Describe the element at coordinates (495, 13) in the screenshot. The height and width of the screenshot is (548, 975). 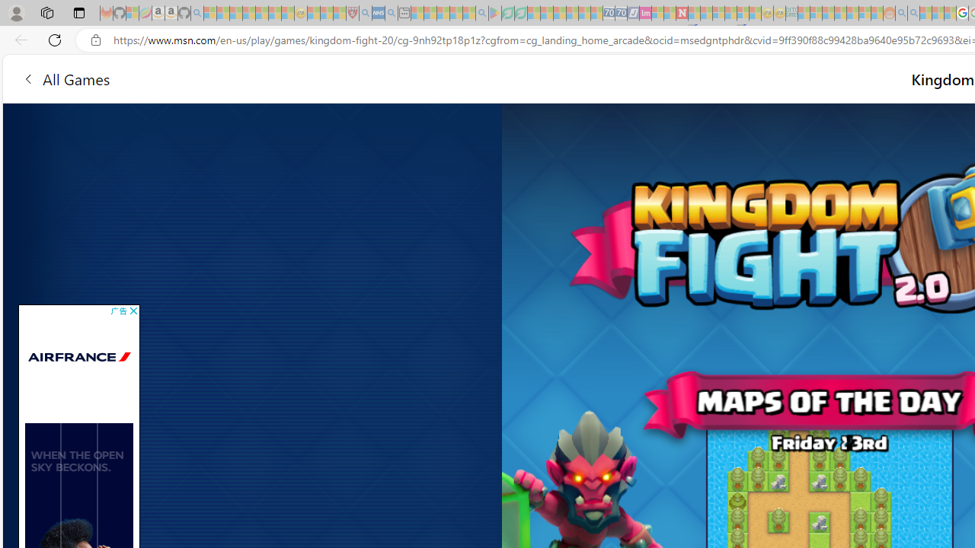
I see `'Bluey: Let'` at that location.